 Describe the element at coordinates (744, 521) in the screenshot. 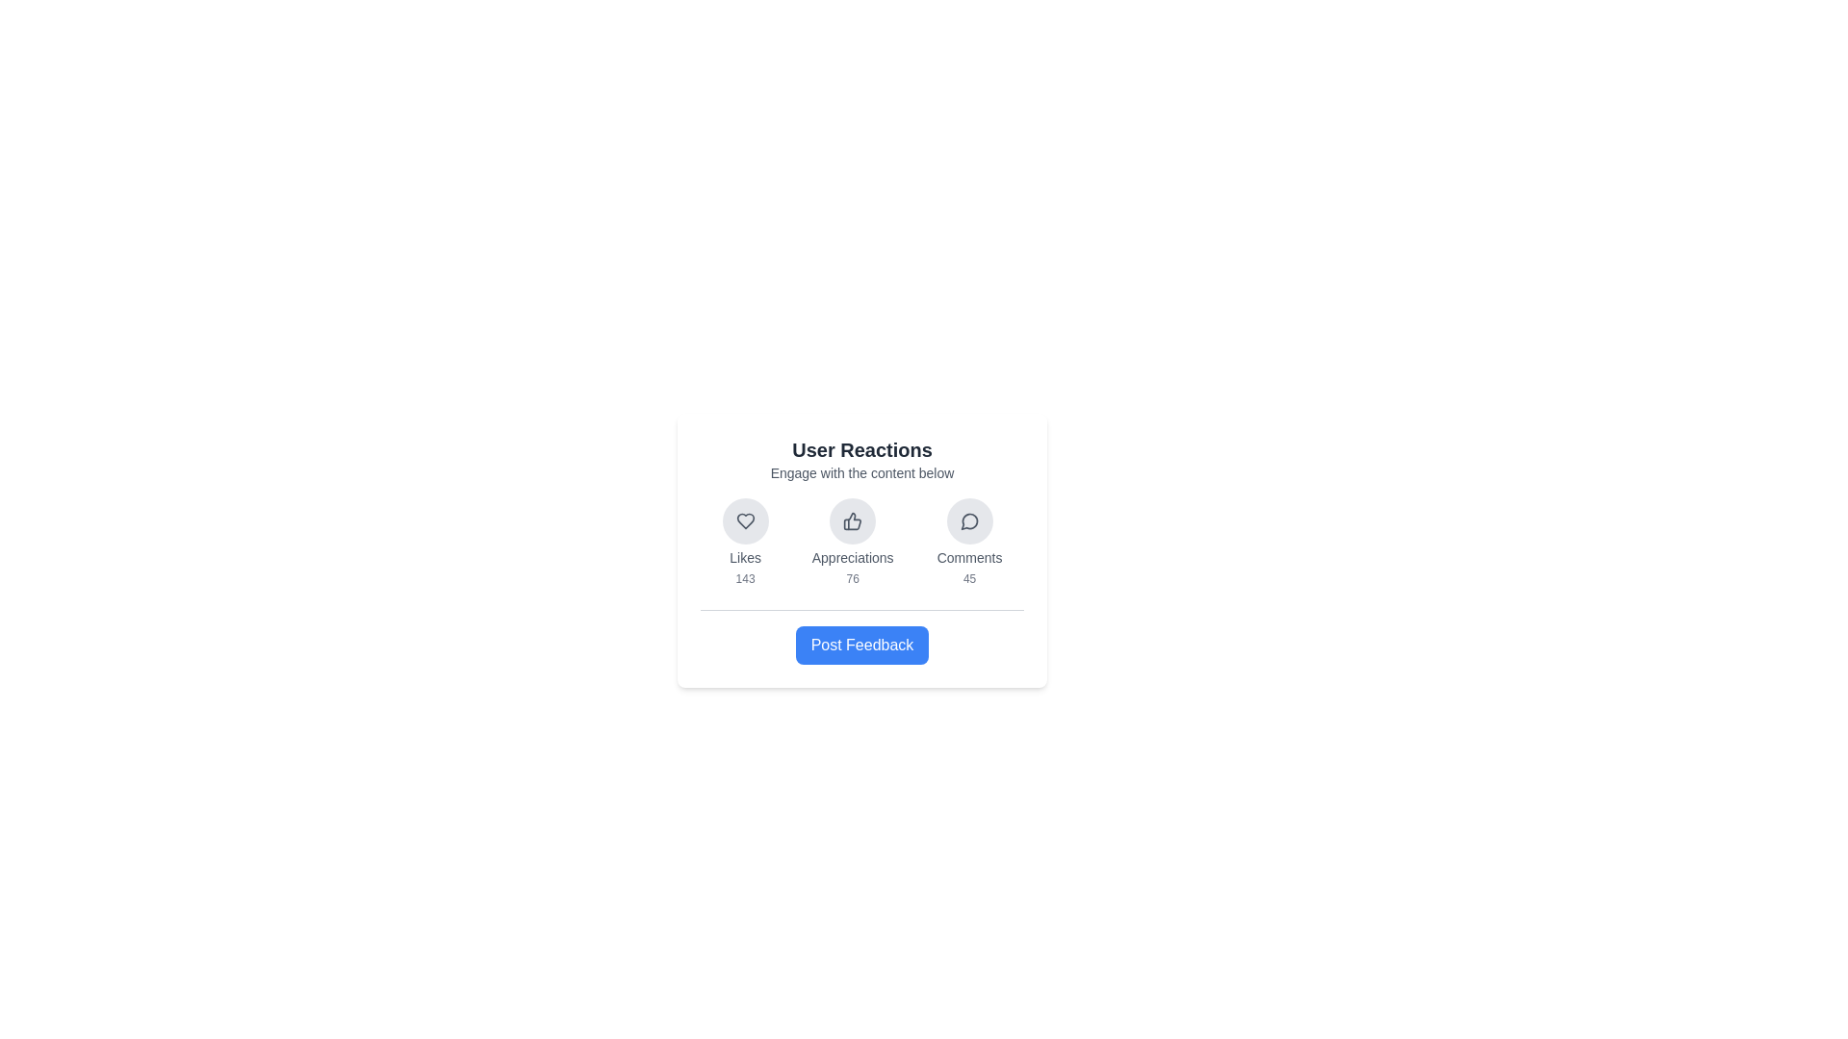

I see `the circular button with a heart icon in the 'Likes' section` at that location.